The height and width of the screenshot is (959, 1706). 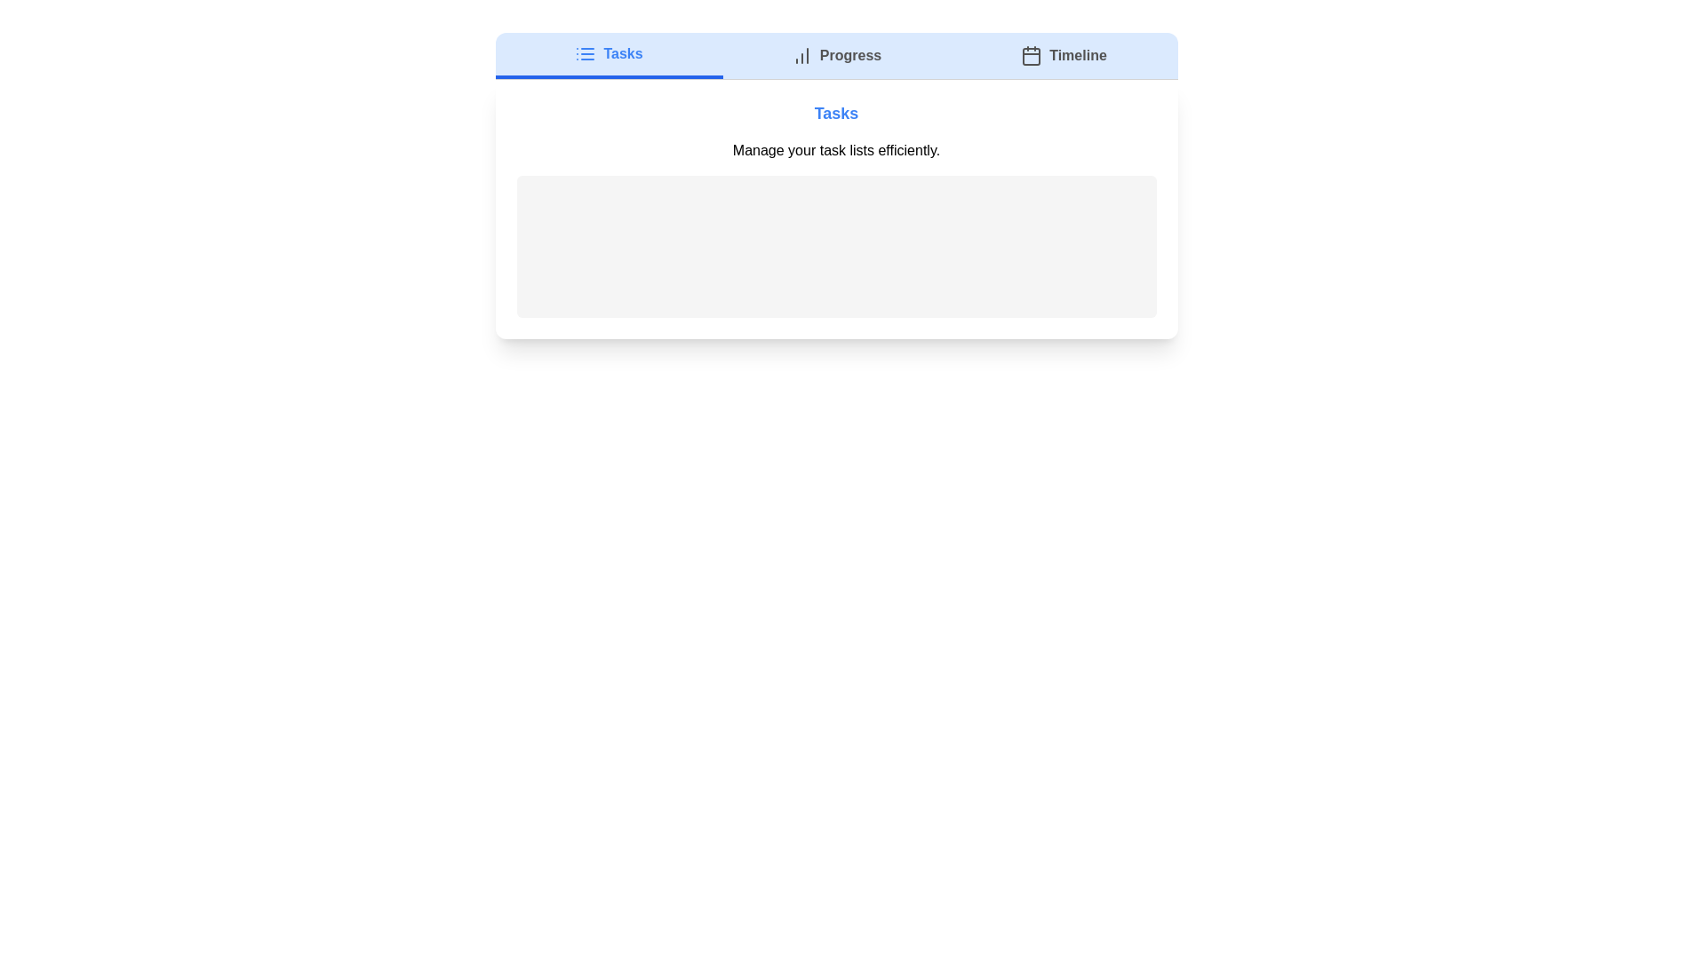 I want to click on the calendar icon in the Timeline section of the navigation bar, so click(x=1032, y=54).